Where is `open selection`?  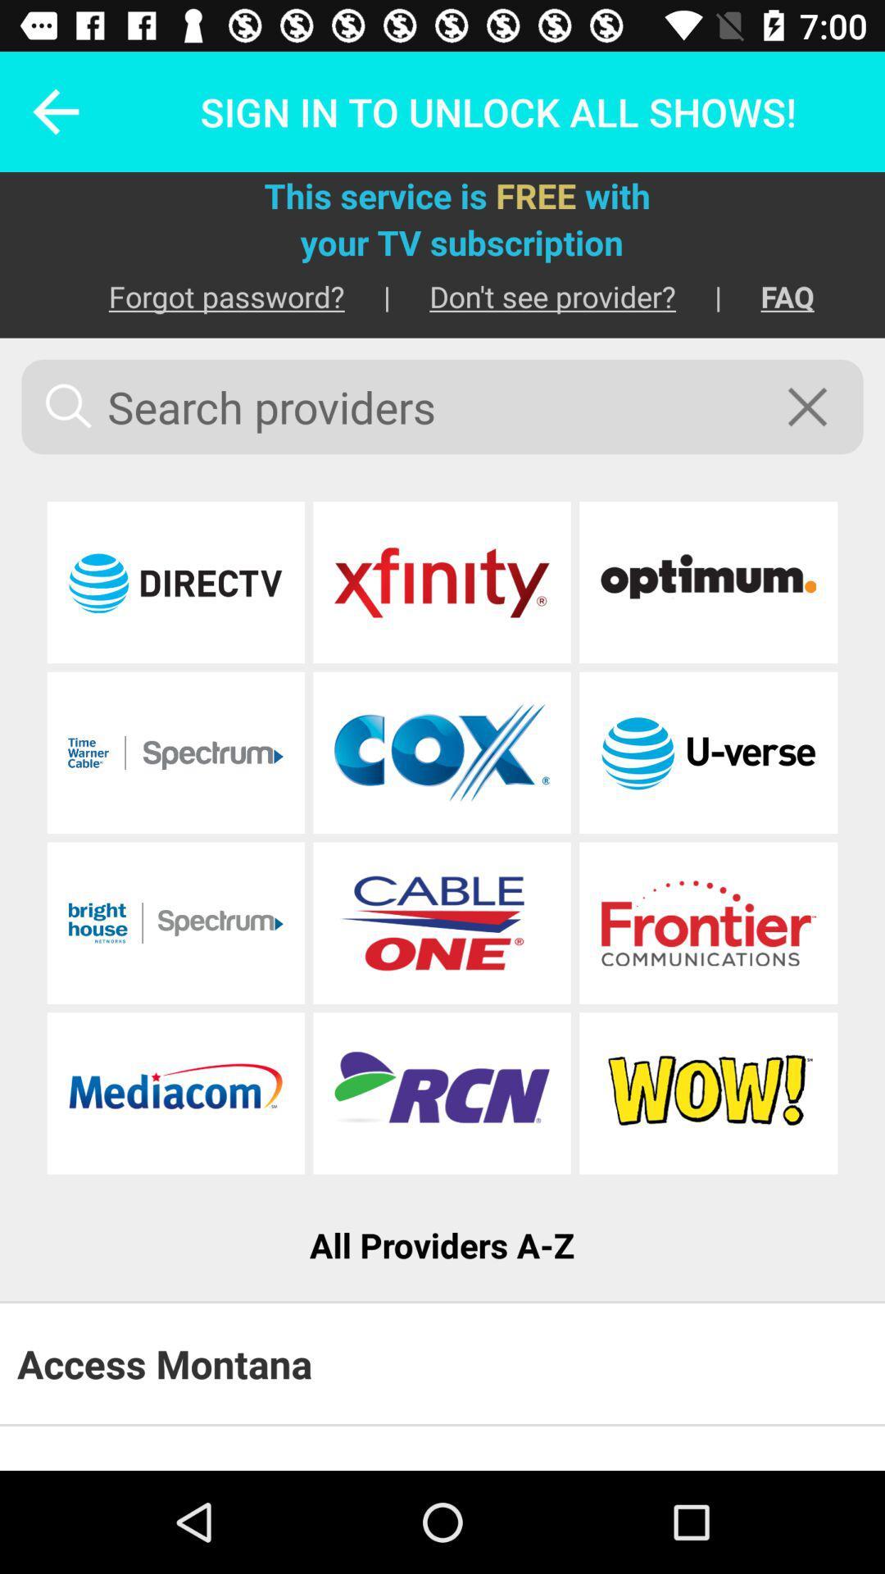
open selection is located at coordinates (175, 752).